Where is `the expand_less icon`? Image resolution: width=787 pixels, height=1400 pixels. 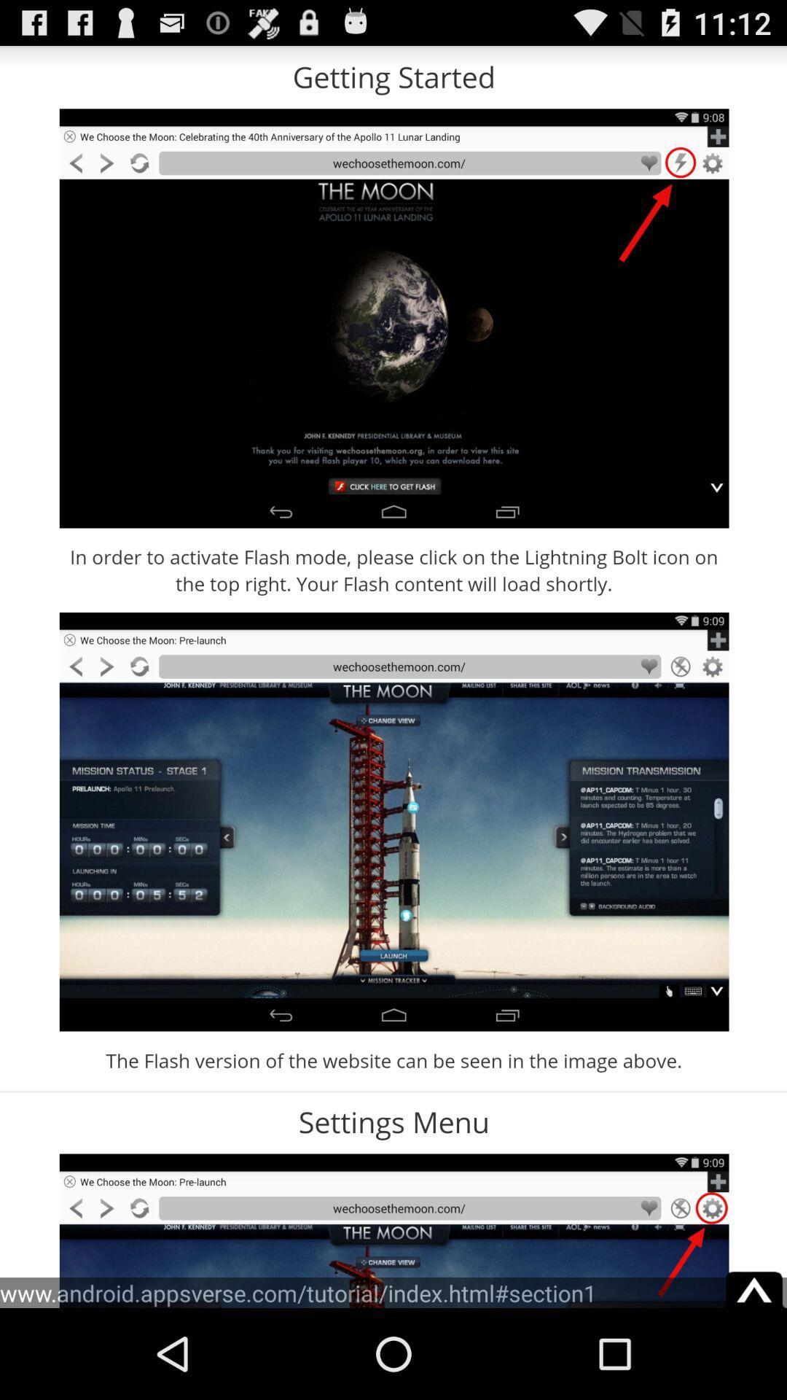 the expand_less icon is located at coordinates (754, 1371).